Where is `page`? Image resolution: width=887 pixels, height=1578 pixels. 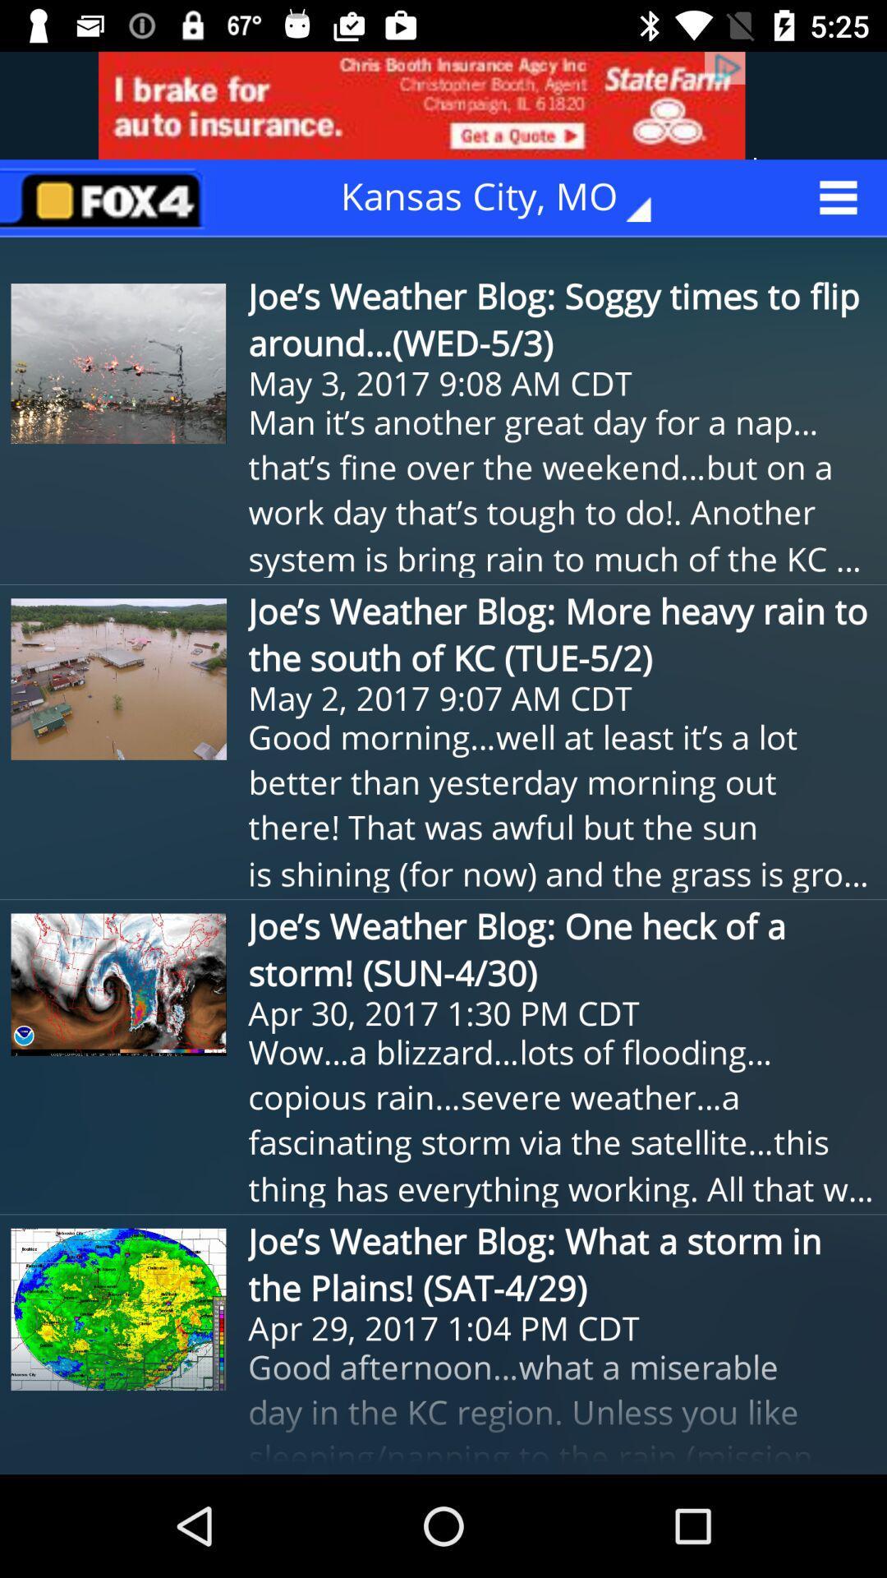
page is located at coordinates (108, 197).